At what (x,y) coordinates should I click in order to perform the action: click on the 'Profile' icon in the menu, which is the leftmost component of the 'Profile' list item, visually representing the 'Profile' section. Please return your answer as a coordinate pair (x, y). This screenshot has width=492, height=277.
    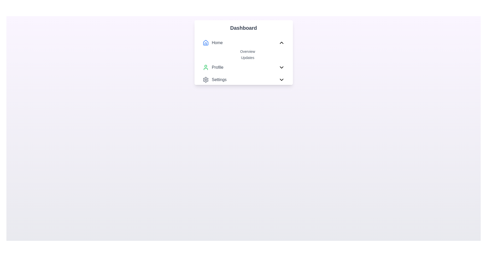
    Looking at the image, I should click on (206, 67).